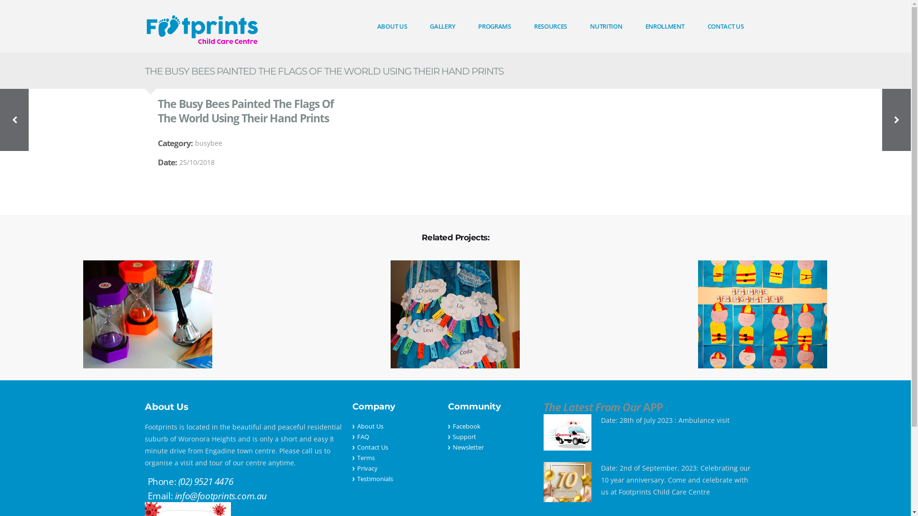 The image size is (918, 516). What do you see at coordinates (464, 437) in the screenshot?
I see `'Support'` at bounding box center [464, 437].